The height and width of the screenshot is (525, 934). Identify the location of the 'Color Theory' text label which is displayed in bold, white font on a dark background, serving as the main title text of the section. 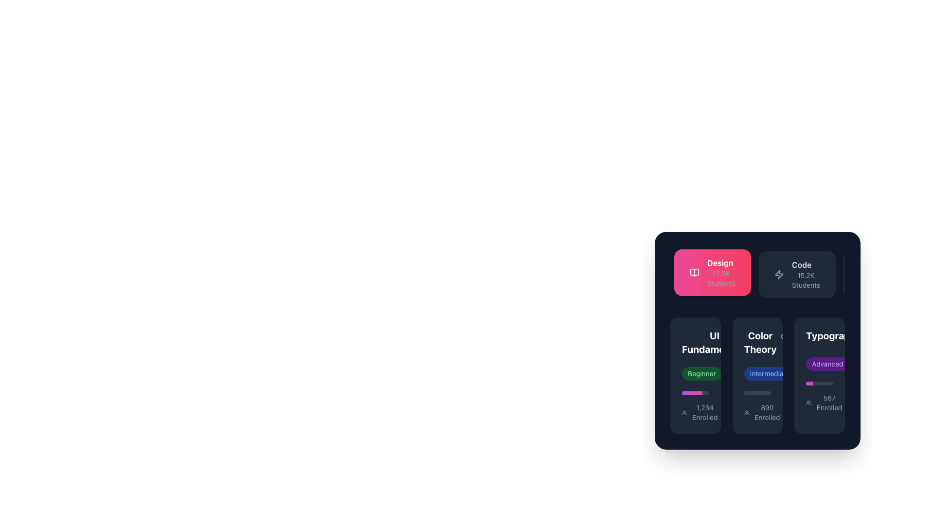
(757, 342).